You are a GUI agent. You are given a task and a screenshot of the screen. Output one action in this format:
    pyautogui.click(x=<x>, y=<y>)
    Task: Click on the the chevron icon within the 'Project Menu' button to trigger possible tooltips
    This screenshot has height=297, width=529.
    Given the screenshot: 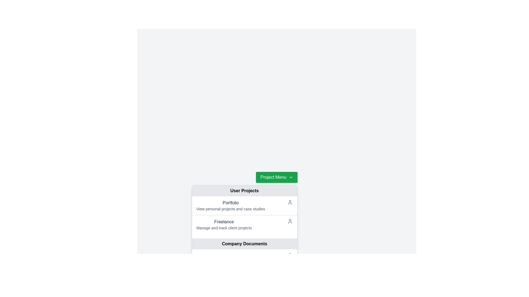 What is the action you would take?
    pyautogui.click(x=290, y=177)
    